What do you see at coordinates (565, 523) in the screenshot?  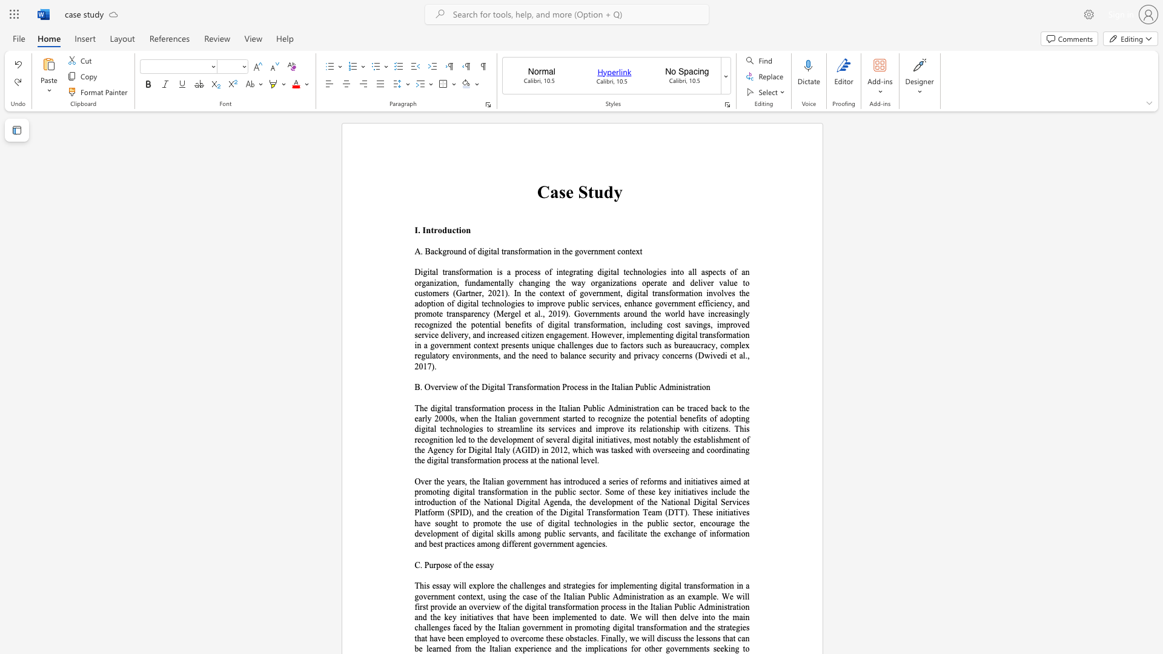 I see `the 30th character "a" in the text` at bounding box center [565, 523].